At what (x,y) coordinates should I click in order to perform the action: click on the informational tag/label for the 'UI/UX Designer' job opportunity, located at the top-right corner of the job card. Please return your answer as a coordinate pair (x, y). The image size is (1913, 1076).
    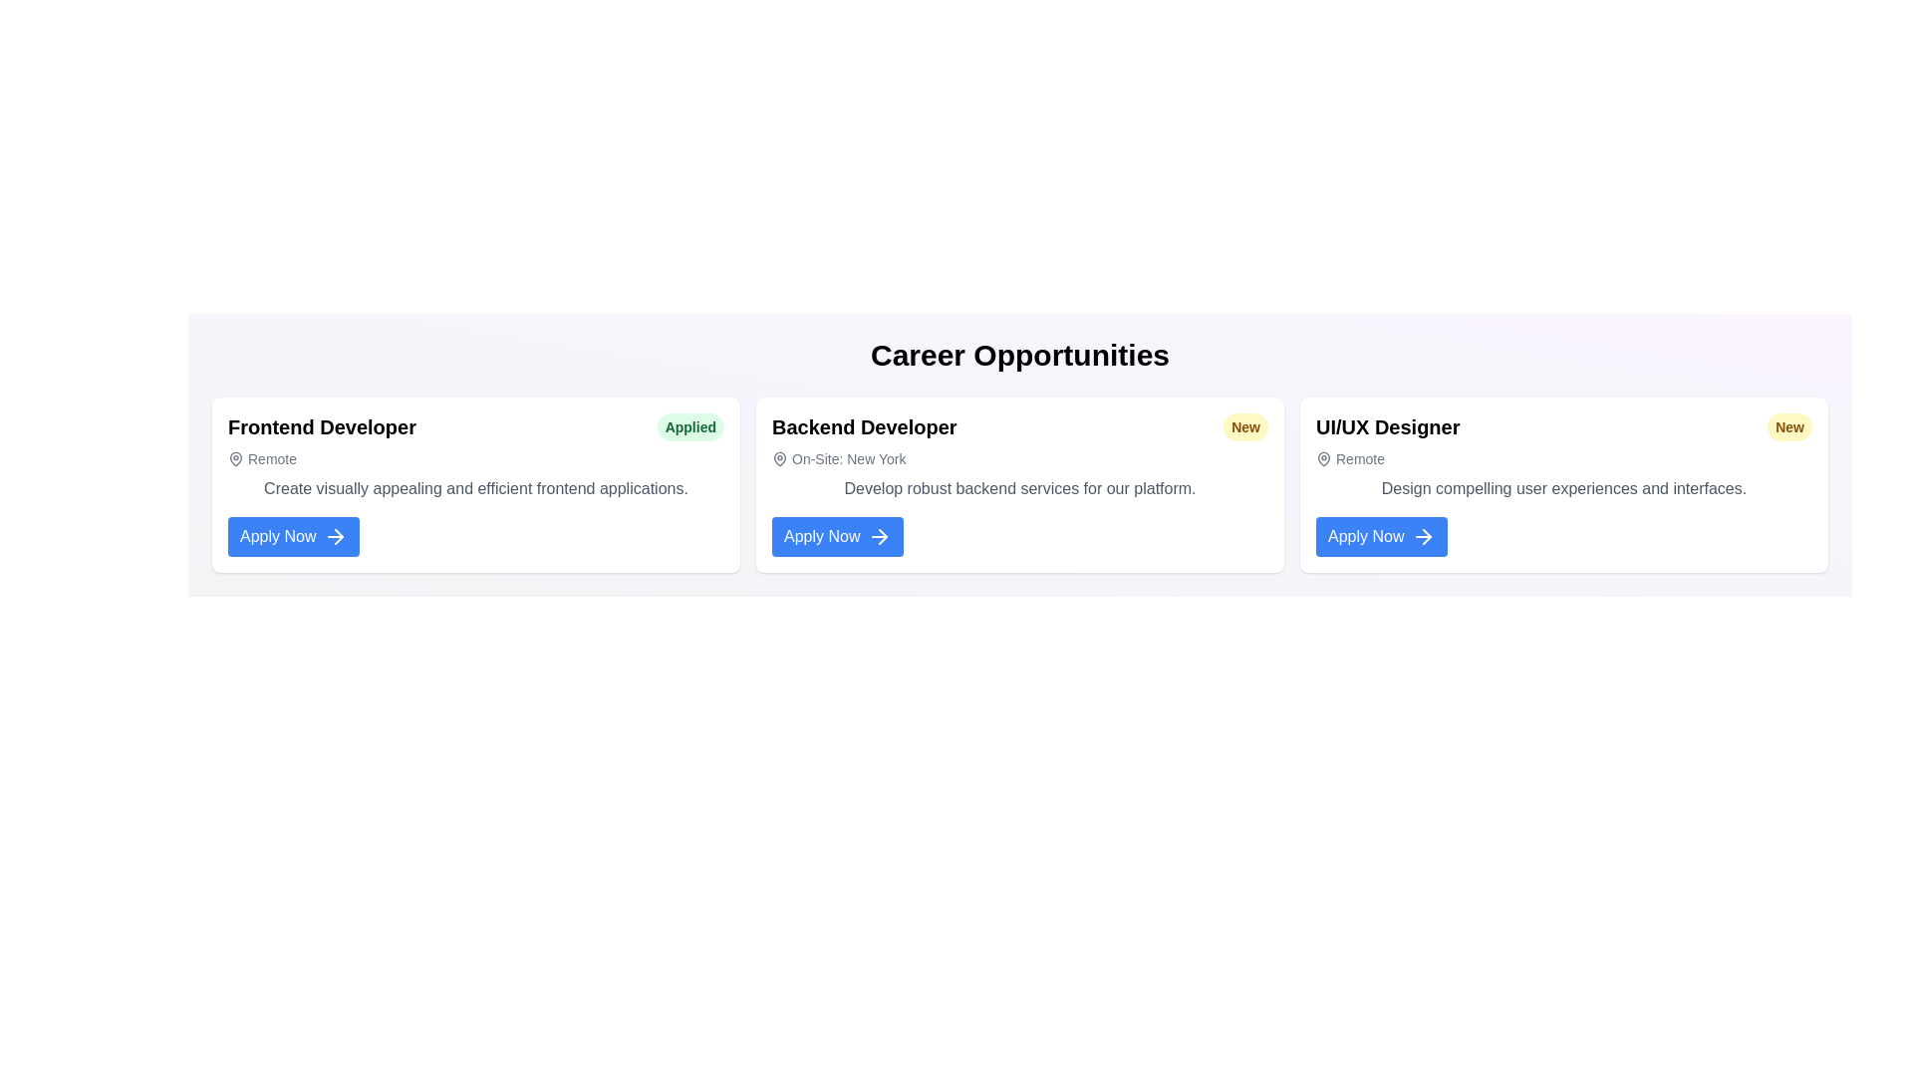
    Looking at the image, I should click on (1789, 425).